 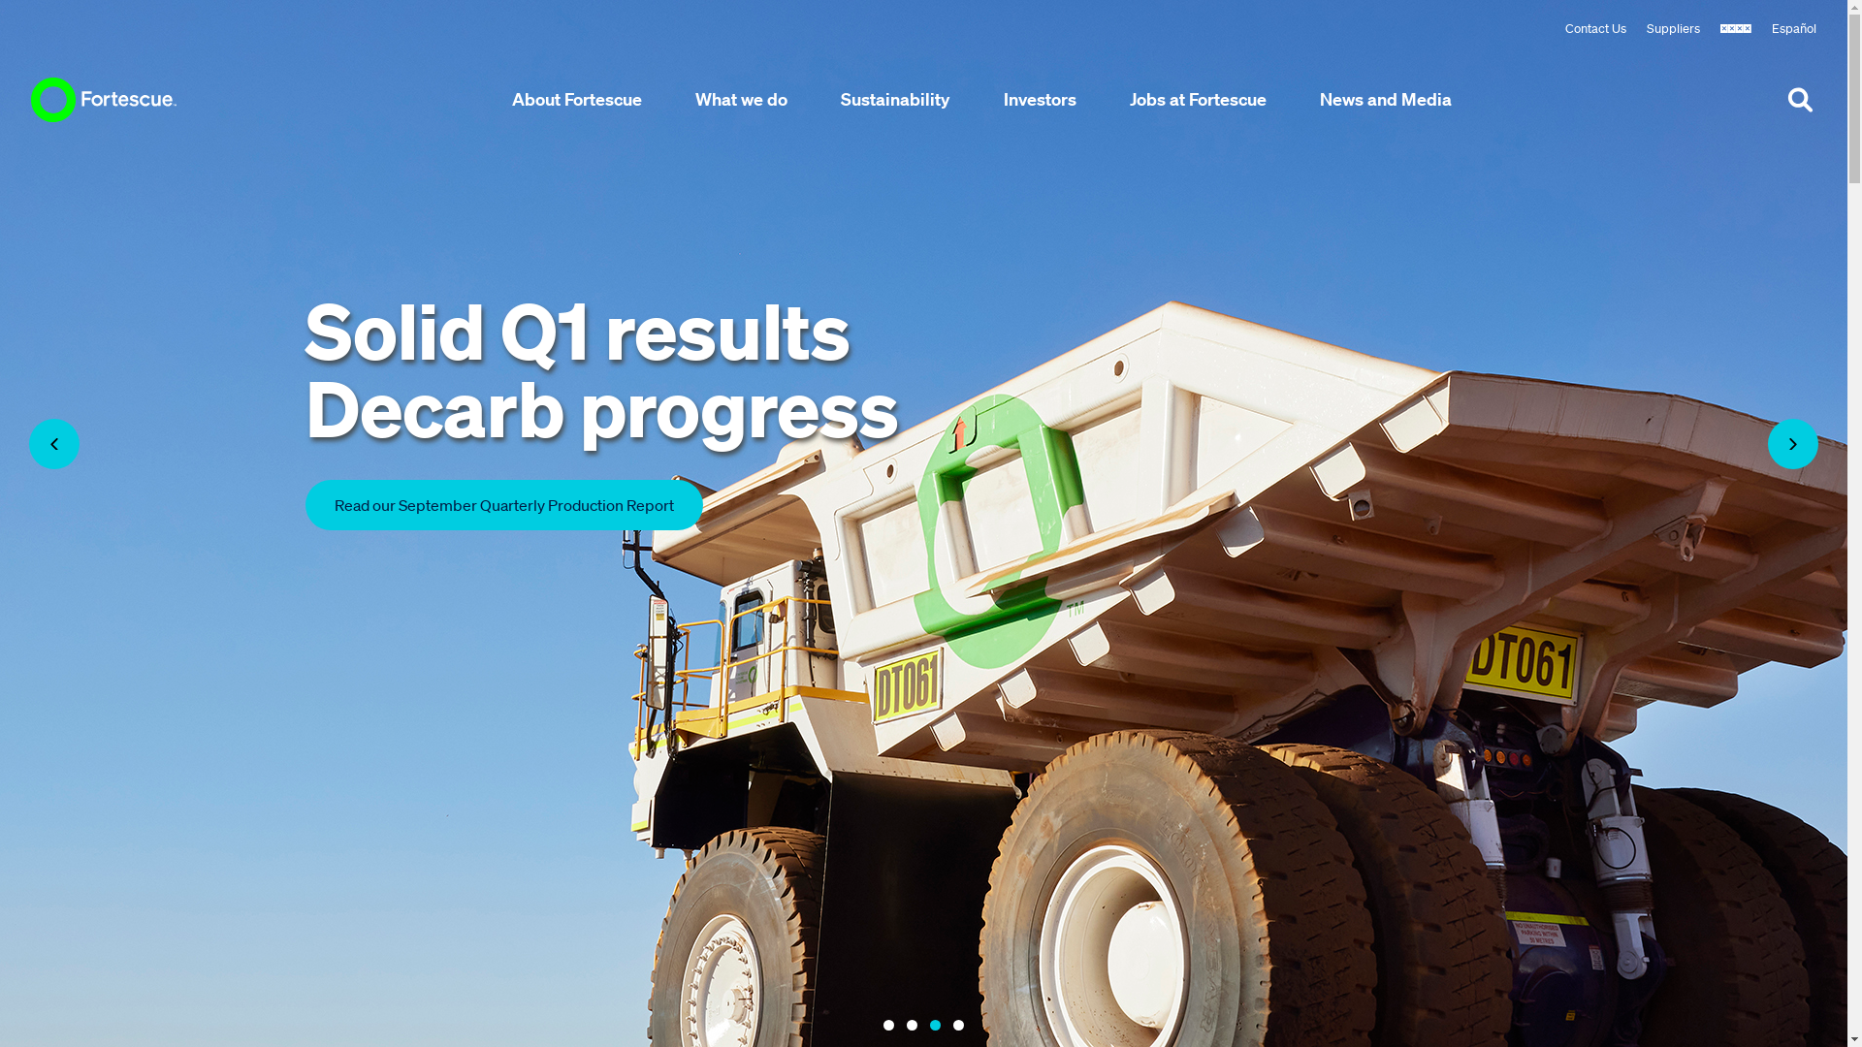 I want to click on 'Investors', so click(x=1039, y=99).